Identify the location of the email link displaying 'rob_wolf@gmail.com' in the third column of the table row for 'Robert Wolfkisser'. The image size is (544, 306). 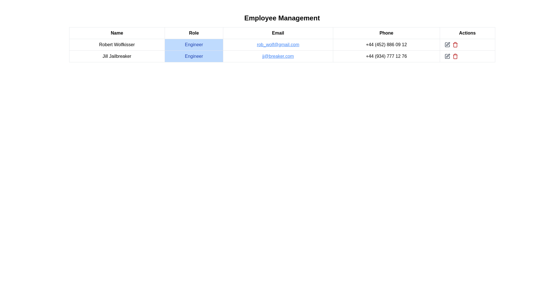
(278, 44).